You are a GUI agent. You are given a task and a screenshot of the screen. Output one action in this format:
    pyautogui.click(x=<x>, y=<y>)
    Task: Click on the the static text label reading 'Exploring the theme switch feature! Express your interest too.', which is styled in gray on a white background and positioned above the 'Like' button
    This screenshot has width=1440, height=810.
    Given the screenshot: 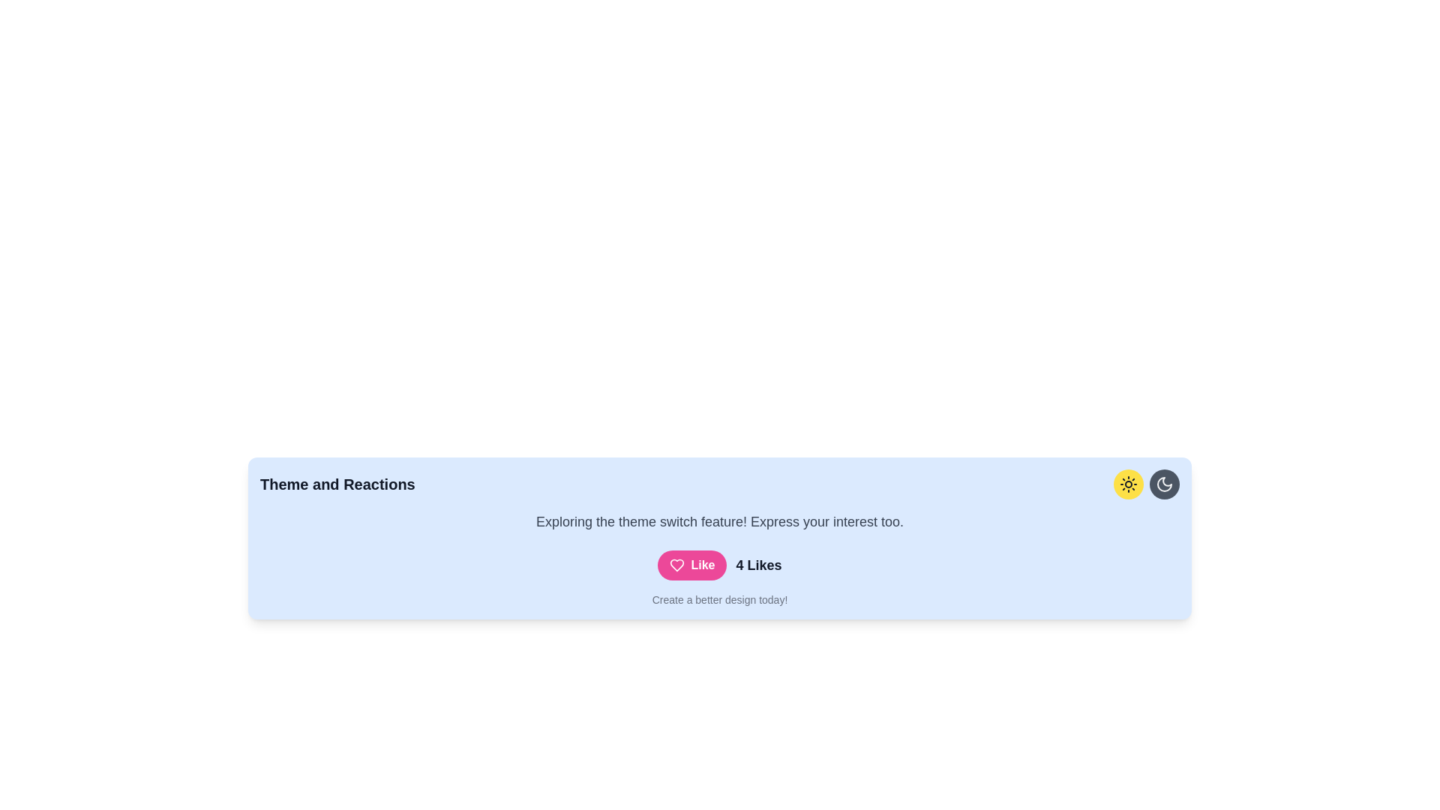 What is the action you would take?
    pyautogui.click(x=720, y=520)
    